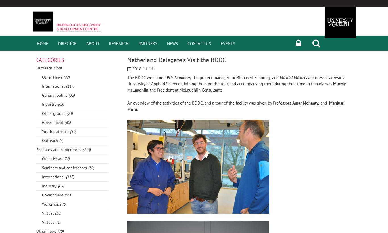  I want to click on 'About', so click(93, 43).